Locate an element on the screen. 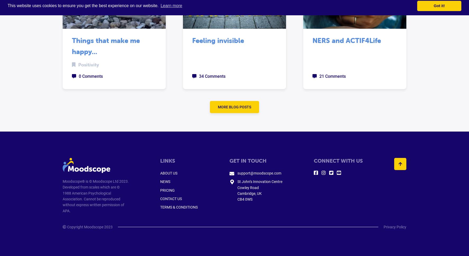  '21 Comments' is located at coordinates (332, 76).